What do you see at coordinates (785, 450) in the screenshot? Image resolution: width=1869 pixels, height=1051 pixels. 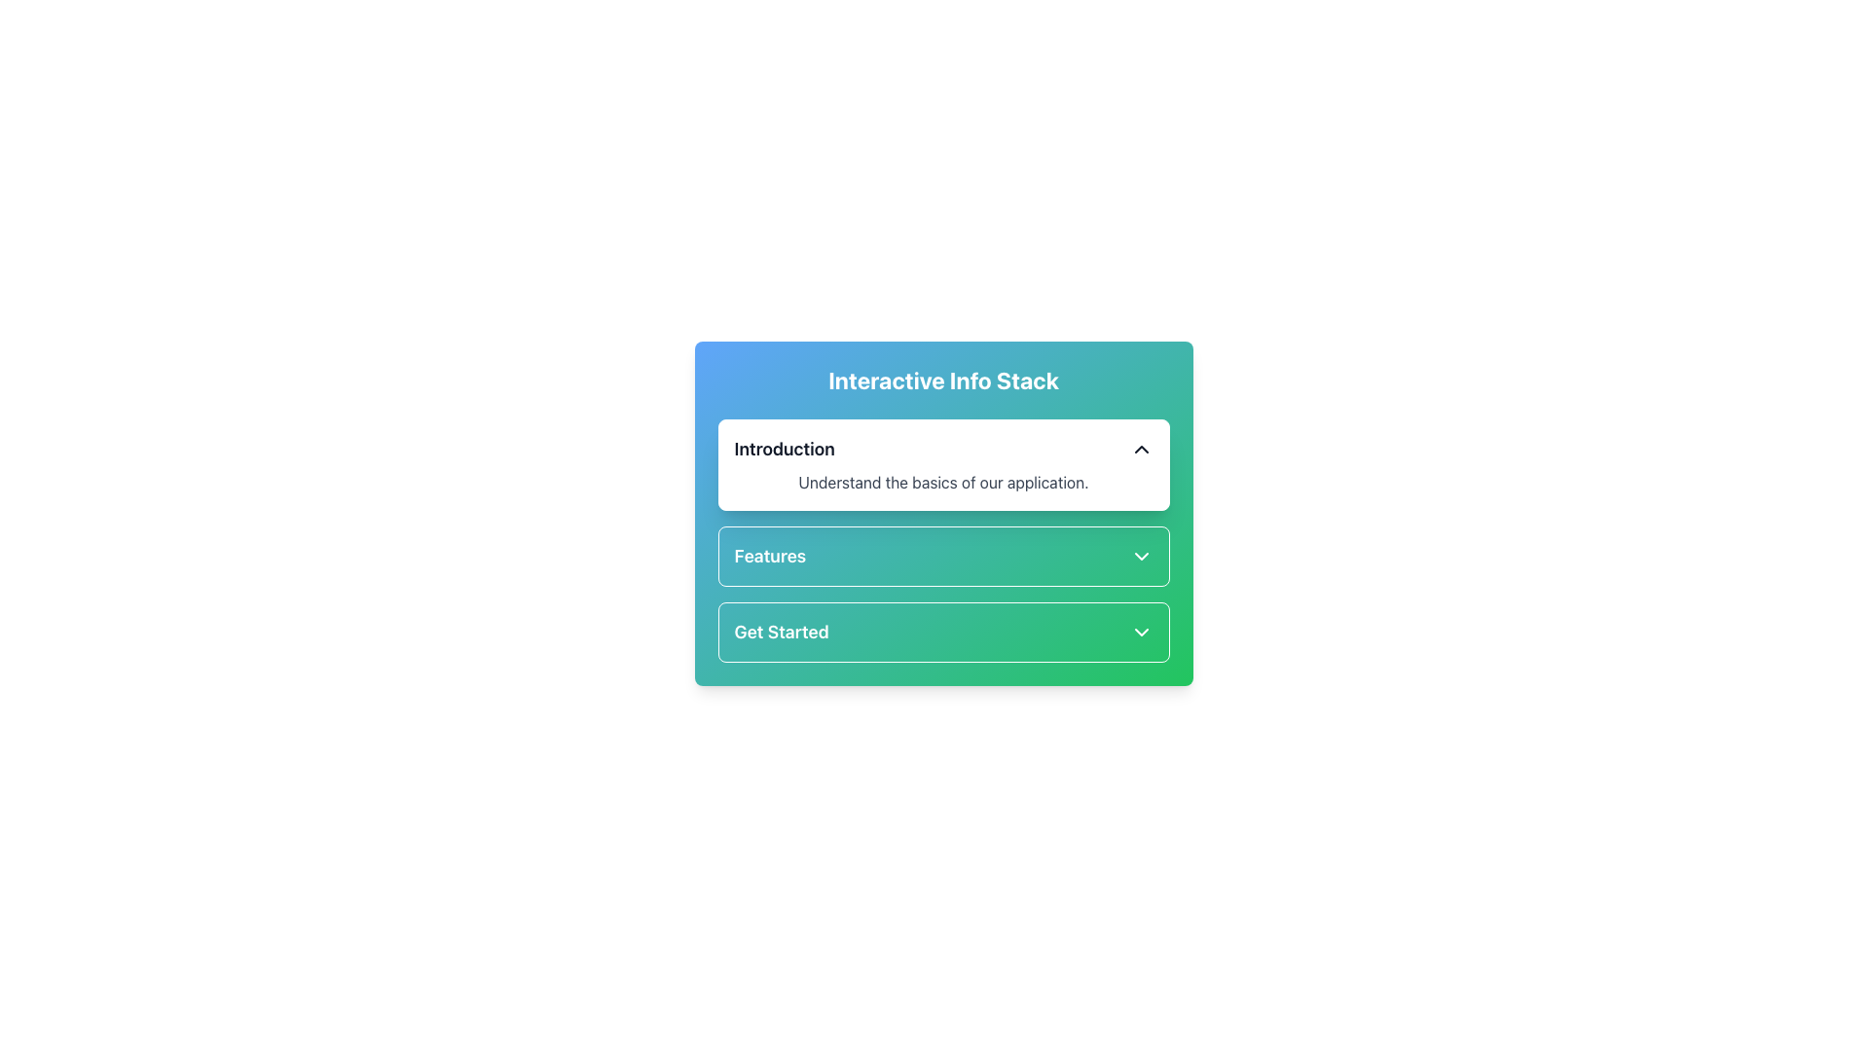 I see `the 'Introduction' text label which is part of the first dropdown header, styled in a larger bold font and aligned left next to a chevron icon` at bounding box center [785, 450].